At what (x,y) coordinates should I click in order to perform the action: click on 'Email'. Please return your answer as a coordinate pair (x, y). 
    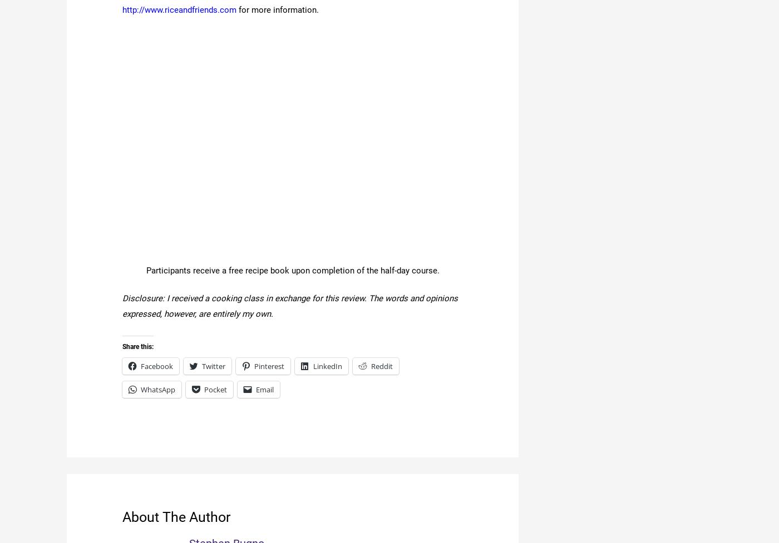
    Looking at the image, I should click on (265, 389).